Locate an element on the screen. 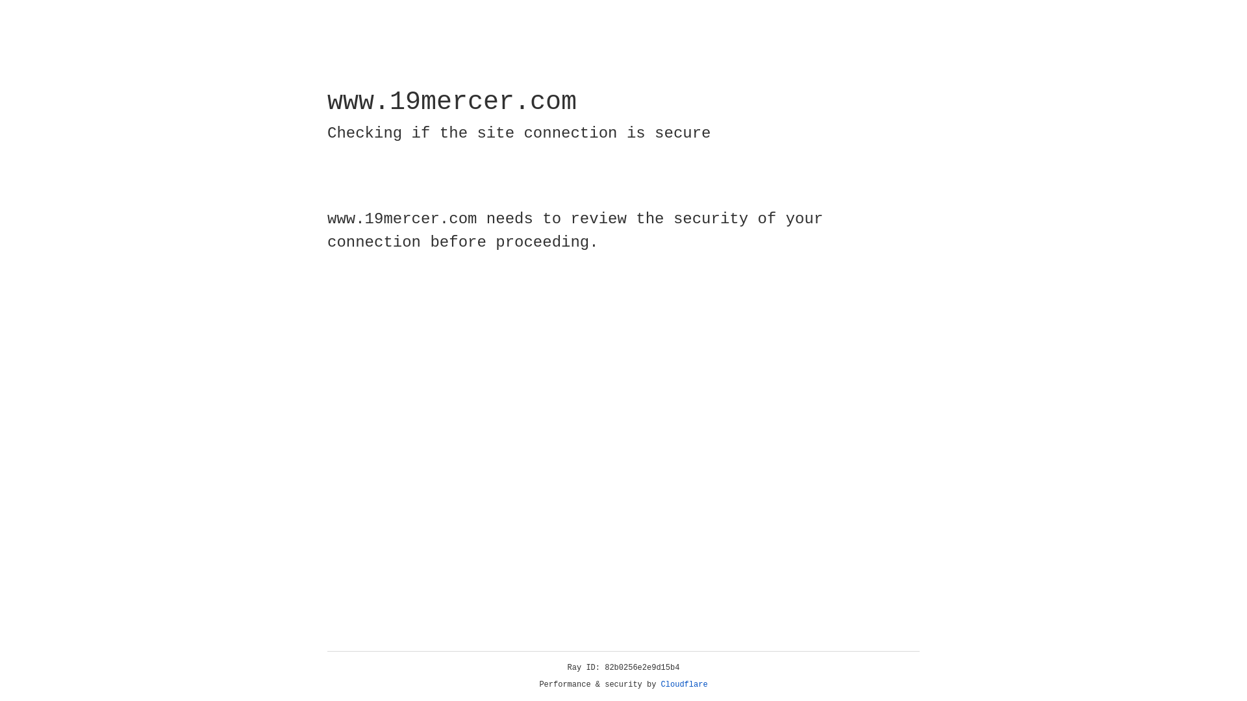  'Cloudflare' is located at coordinates (684, 684).